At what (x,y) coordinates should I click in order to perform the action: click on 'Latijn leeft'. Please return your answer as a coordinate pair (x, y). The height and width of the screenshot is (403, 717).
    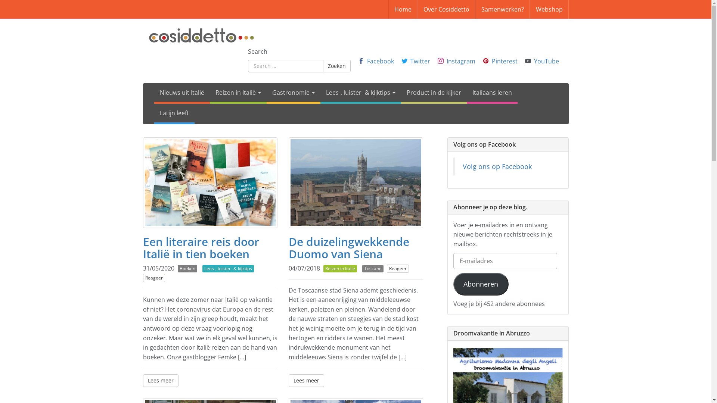
    Looking at the image, I should click on (173, 114).